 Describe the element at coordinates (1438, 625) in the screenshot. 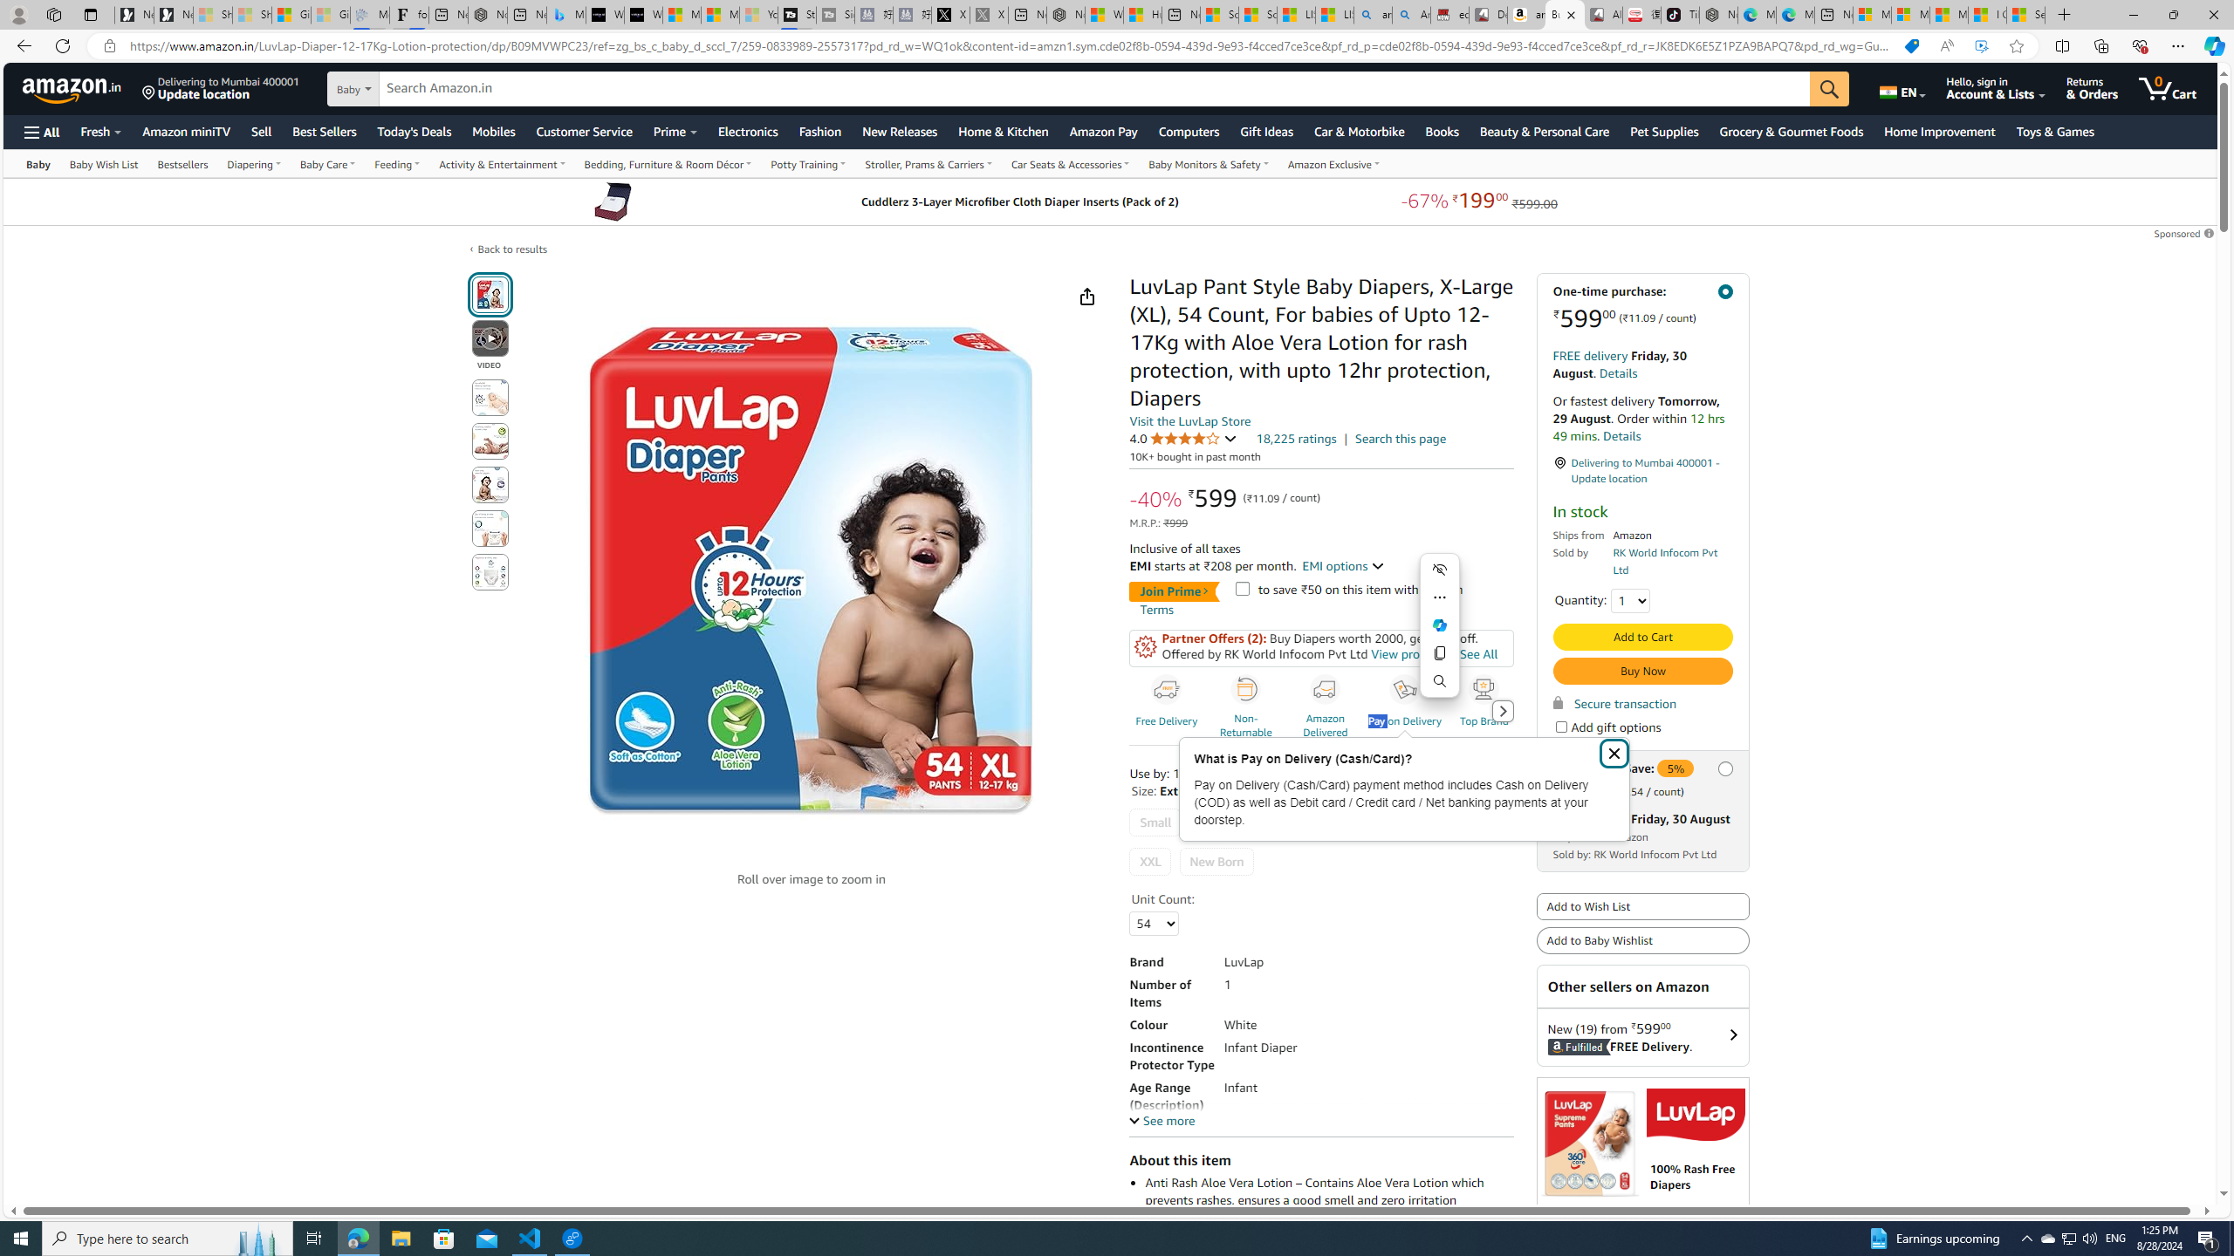

I see `'Ask Copilot'` at that location.